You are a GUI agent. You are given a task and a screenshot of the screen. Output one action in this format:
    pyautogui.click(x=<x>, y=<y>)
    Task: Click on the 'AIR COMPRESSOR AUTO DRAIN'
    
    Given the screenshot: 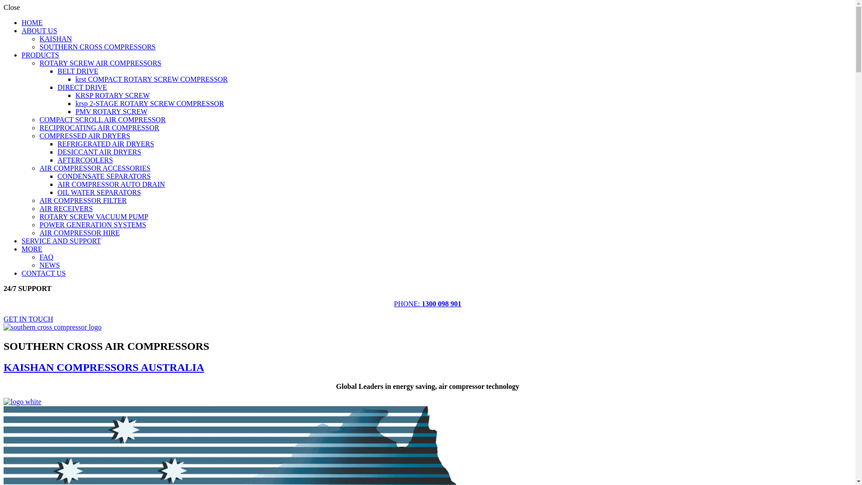 What is the action you would take?
    pyautogui.click(x=57, y=184)
    